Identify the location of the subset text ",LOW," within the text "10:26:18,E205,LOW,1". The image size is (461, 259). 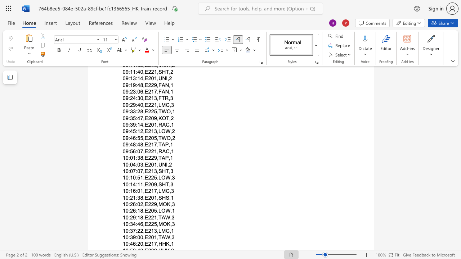
(156, 210).